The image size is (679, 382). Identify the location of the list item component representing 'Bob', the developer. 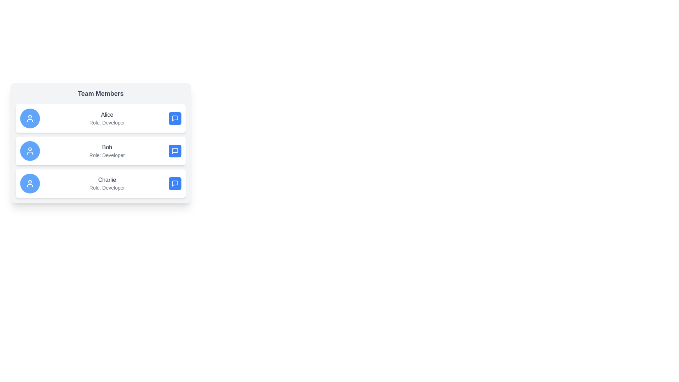
(100, 151).